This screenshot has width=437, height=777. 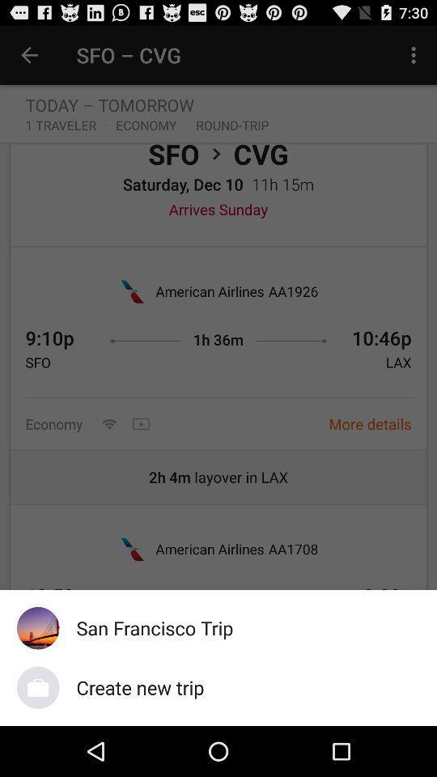 What do you see at coordinates (218, 376) in the screenshot?
I see `the icon at the center` at bounding box center [218, 376].